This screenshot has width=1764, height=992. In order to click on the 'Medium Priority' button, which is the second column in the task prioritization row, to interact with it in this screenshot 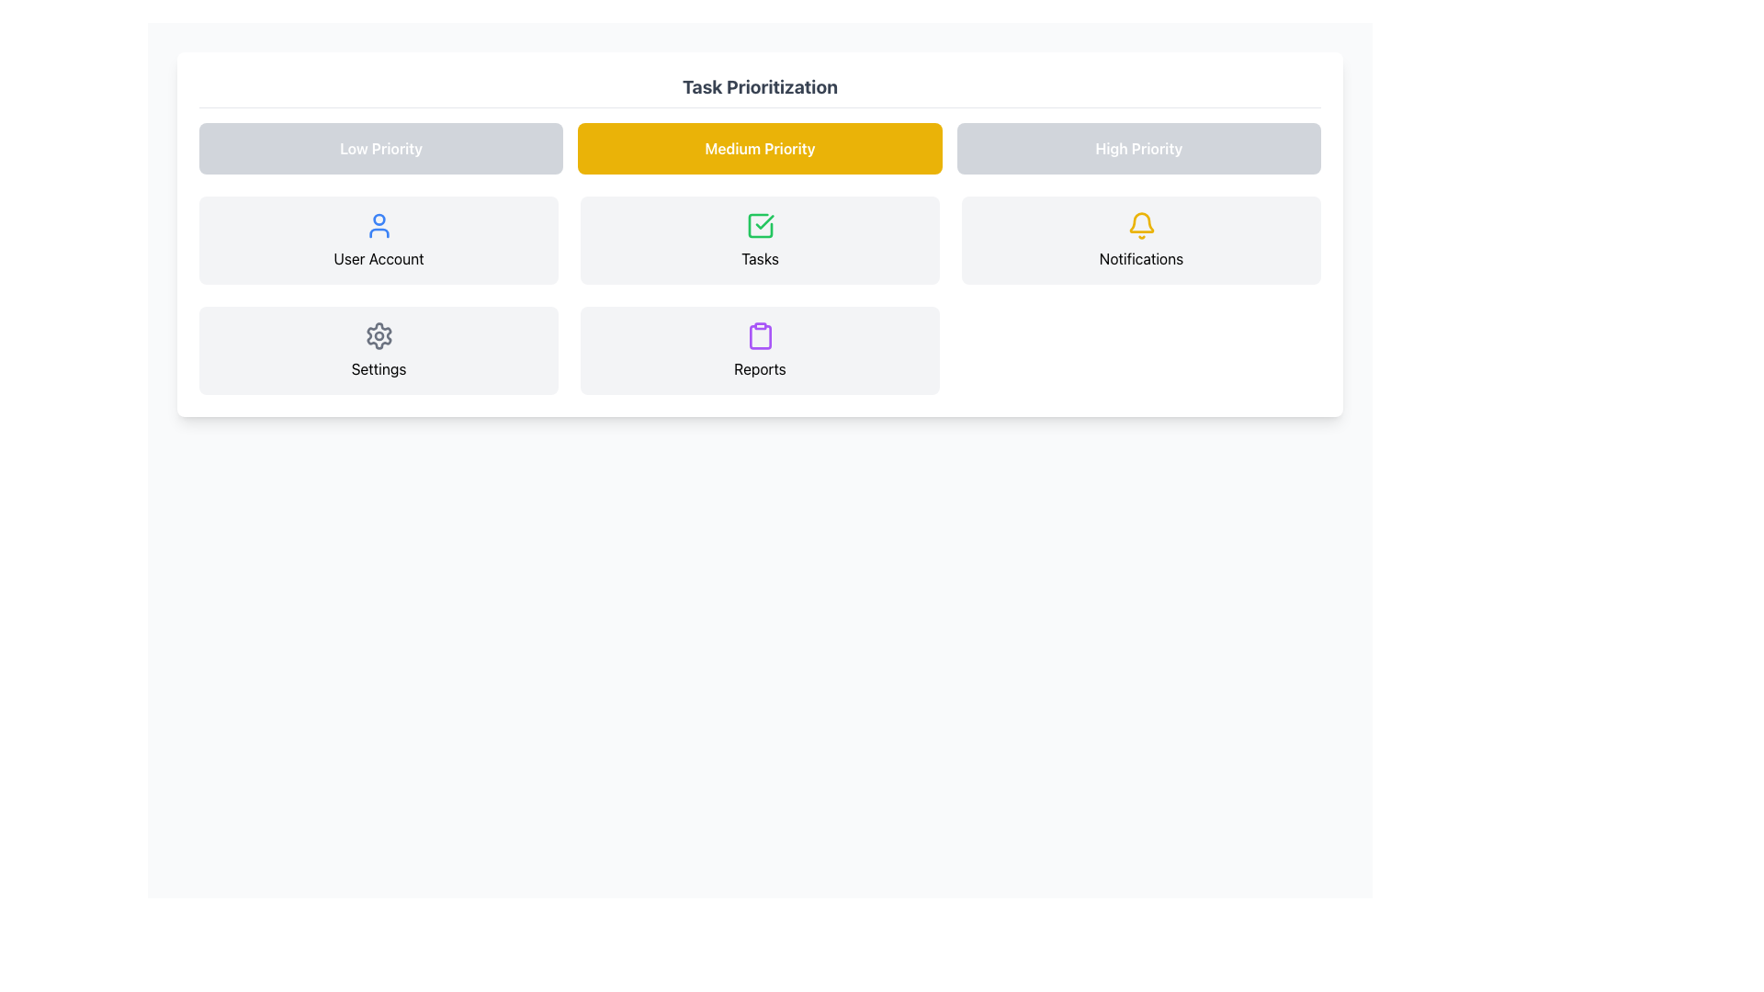, I will do `click(760, 148)`.